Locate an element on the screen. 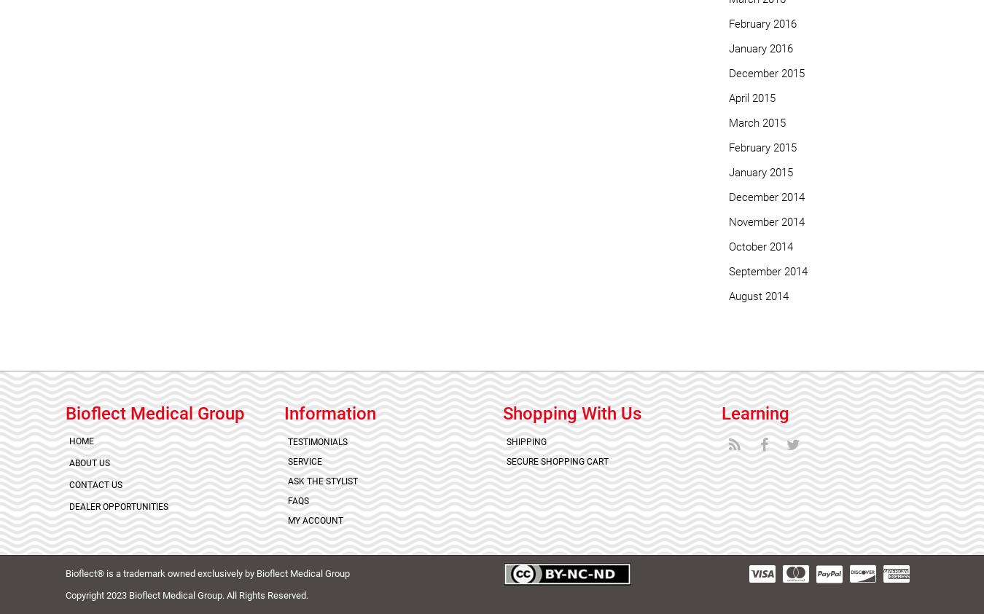  'Service' is located at coordinates (305, 461).